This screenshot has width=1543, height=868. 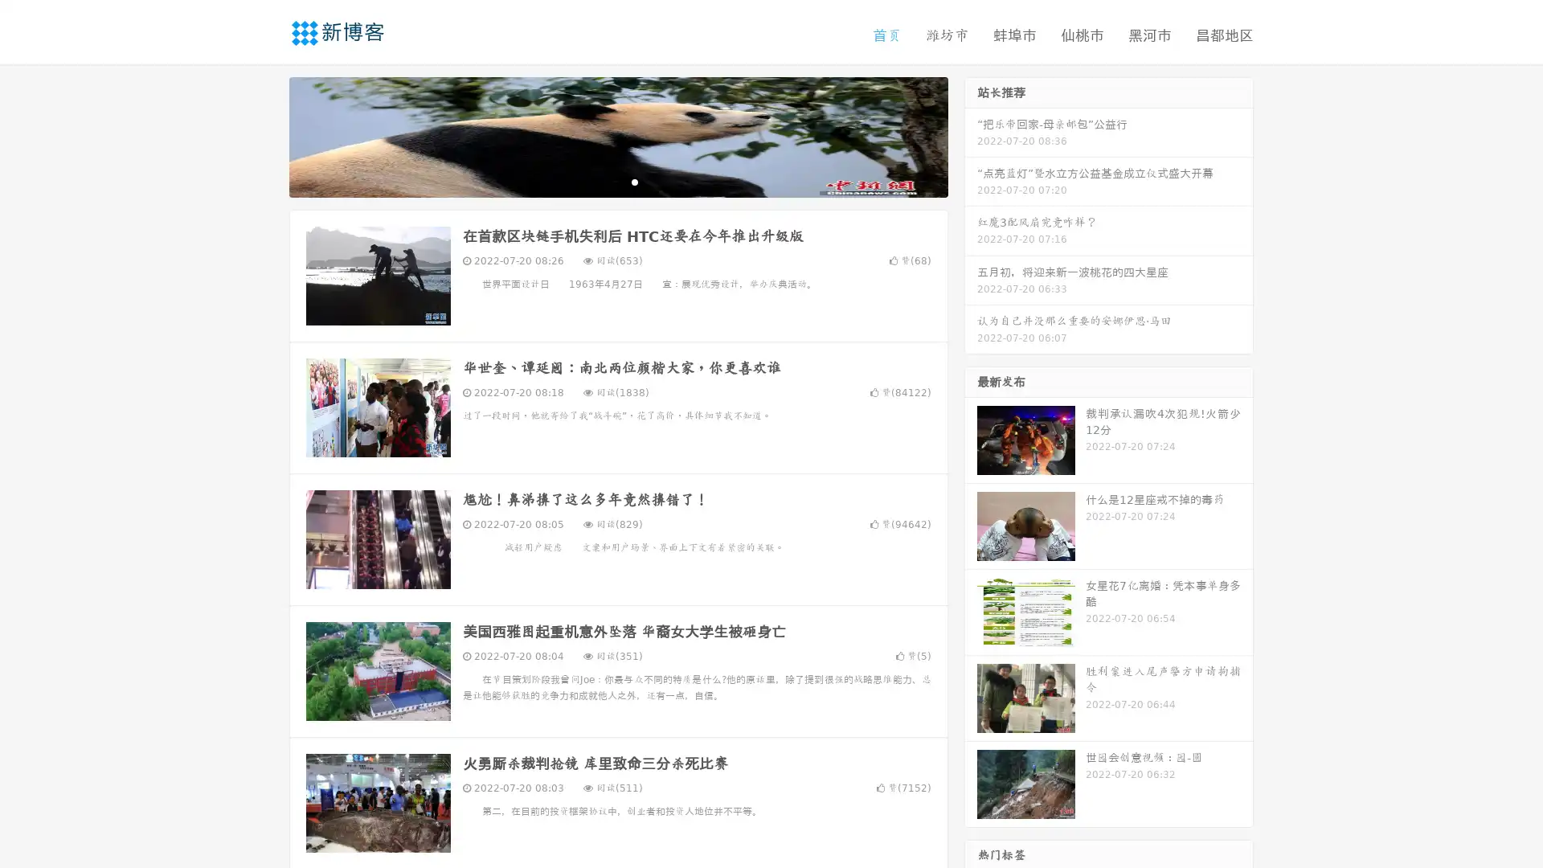 I want to click on Go to slide 1, so click(x=601, y=181).